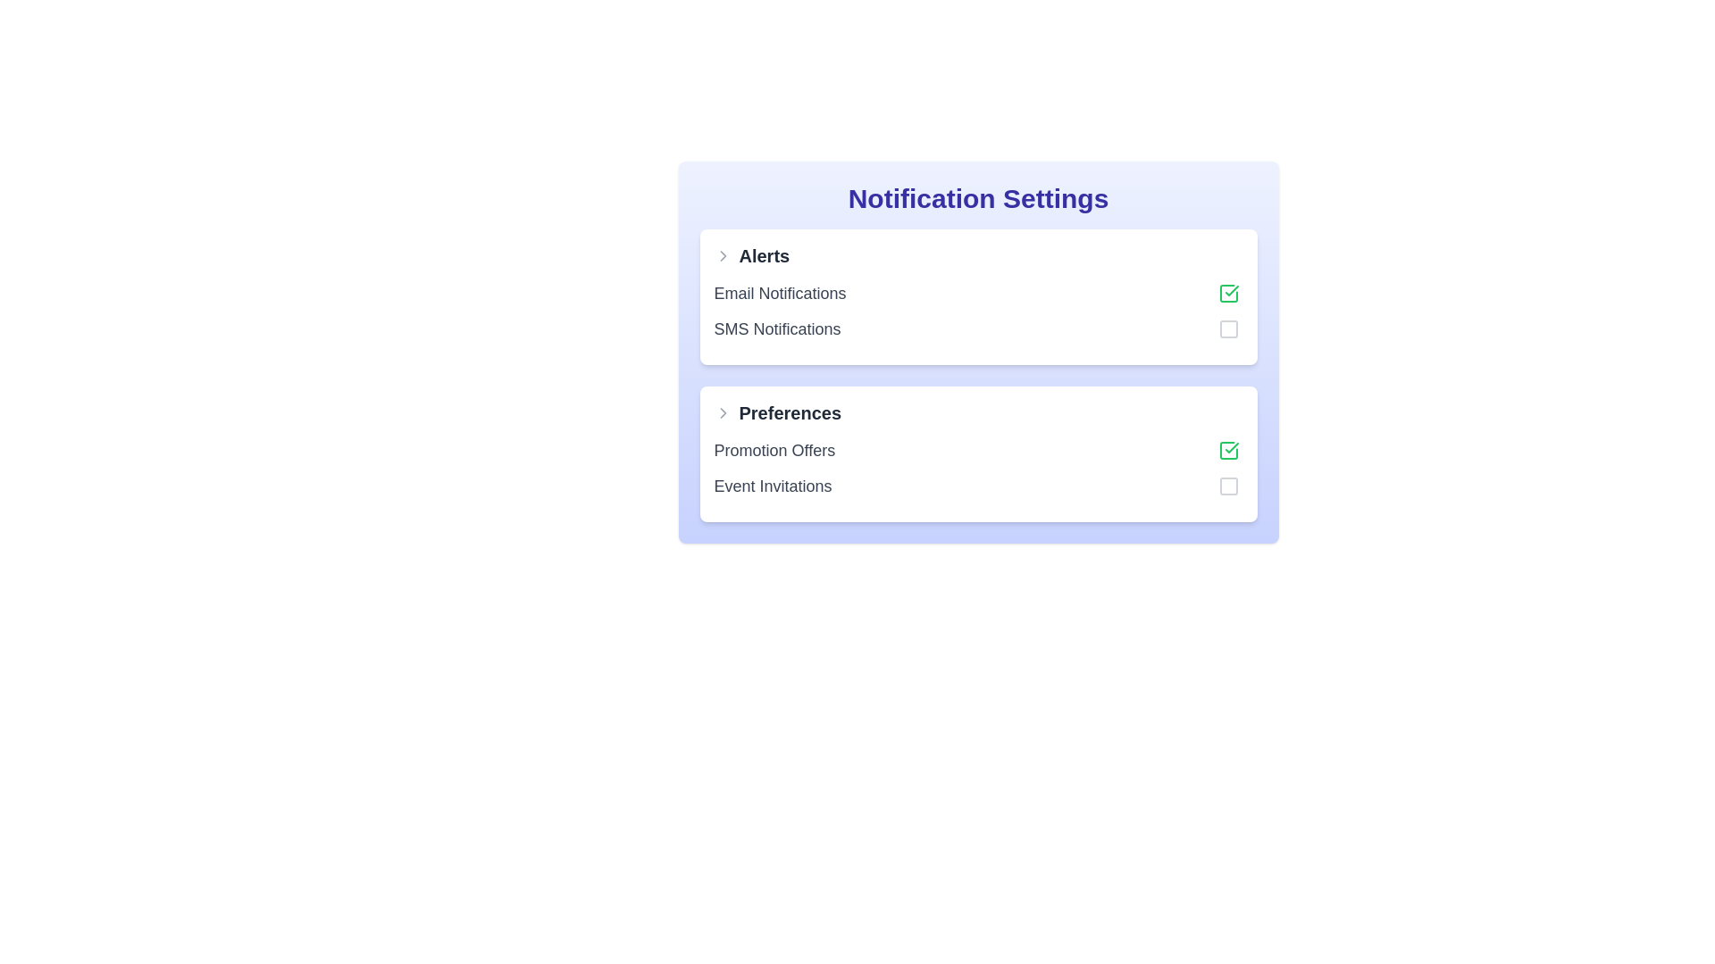  What do you see at coordinates (774, 450) in the screenshot?
I see `the 'Promotion Offers' text label, which is styled with a larger font size and gray color, located within the 'Preferences' section above 'Event Invitations'` at bounding box center [774, 450].